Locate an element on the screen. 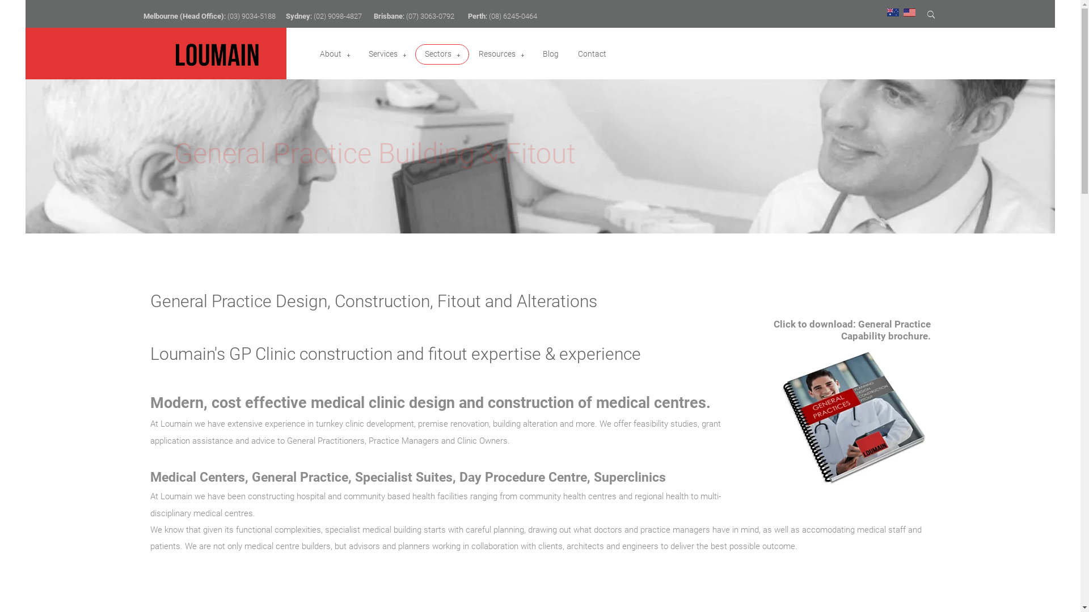 This screenshot has width=1089, height=612. '(02) 9098-4827' is located at coordinates (336, 16).